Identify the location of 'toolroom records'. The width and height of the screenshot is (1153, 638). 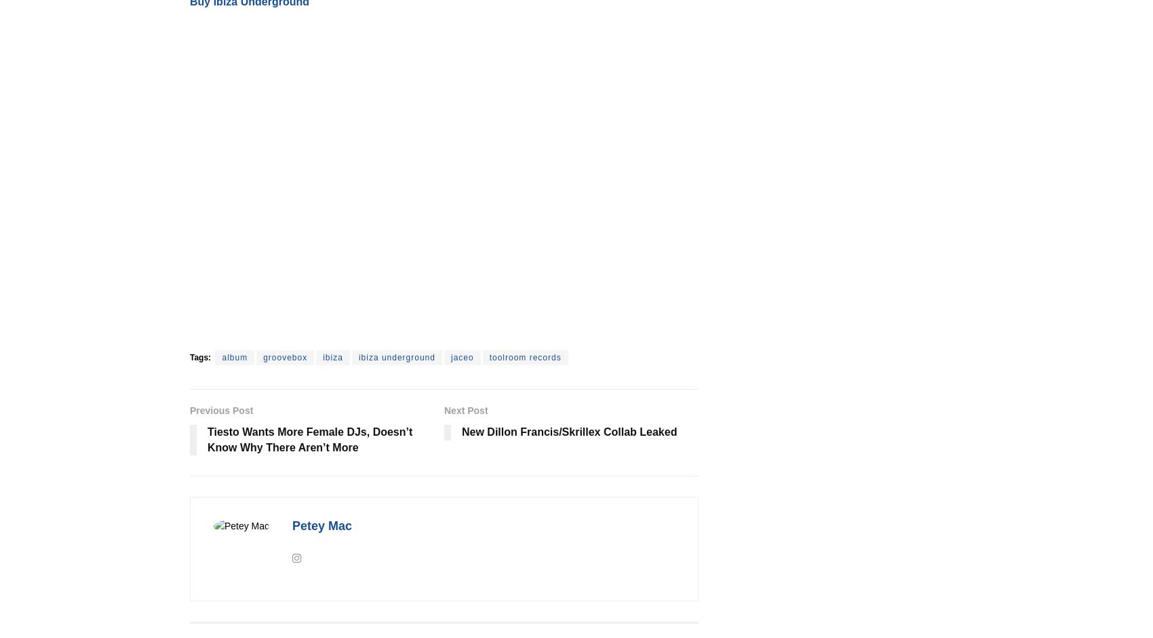
(524, 356).